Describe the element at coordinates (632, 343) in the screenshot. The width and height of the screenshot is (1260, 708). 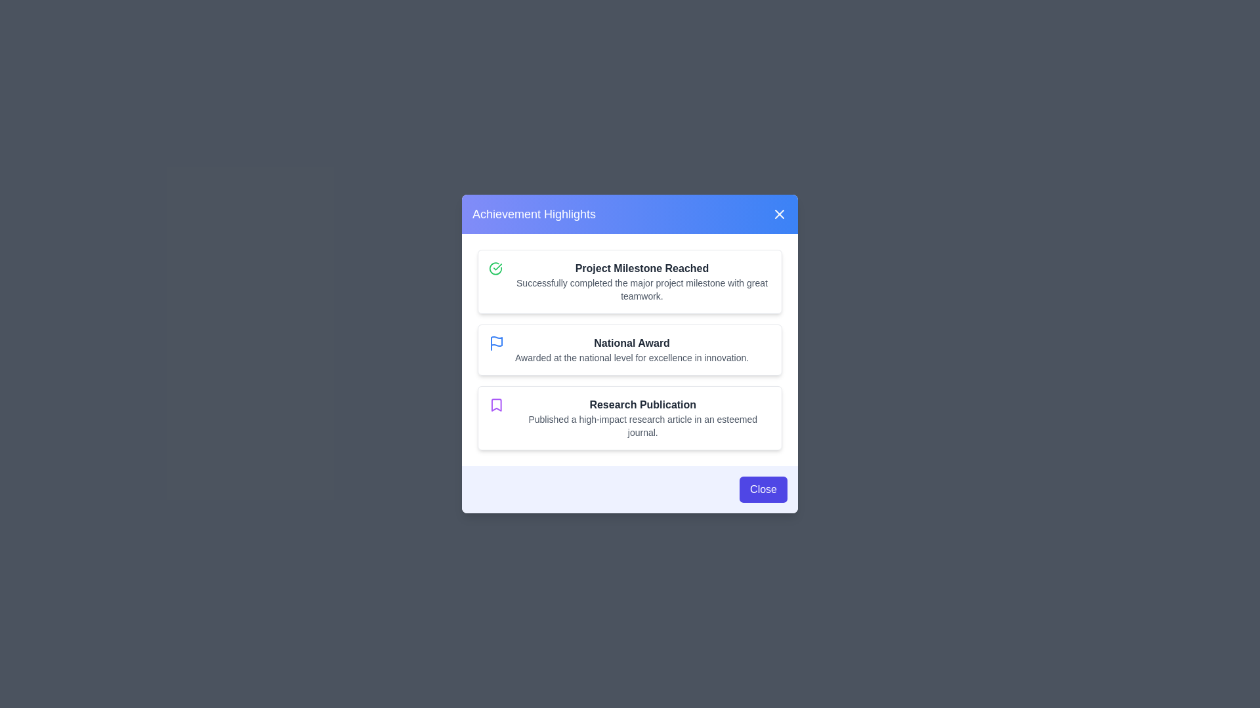
I see `the text label that serves as the title for the second achievement entry, located below 'Achievement Highlights' and above the description starting with 'Awarded at the national level'` at that location.